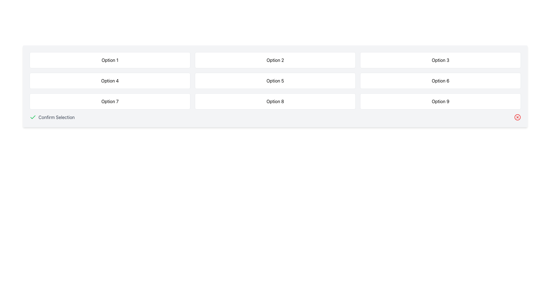  Describe the element at coordinates (275, 81) in the screenshot. I see `the selectable option button located in the middle column of the second row in a grid of choices` at that location.